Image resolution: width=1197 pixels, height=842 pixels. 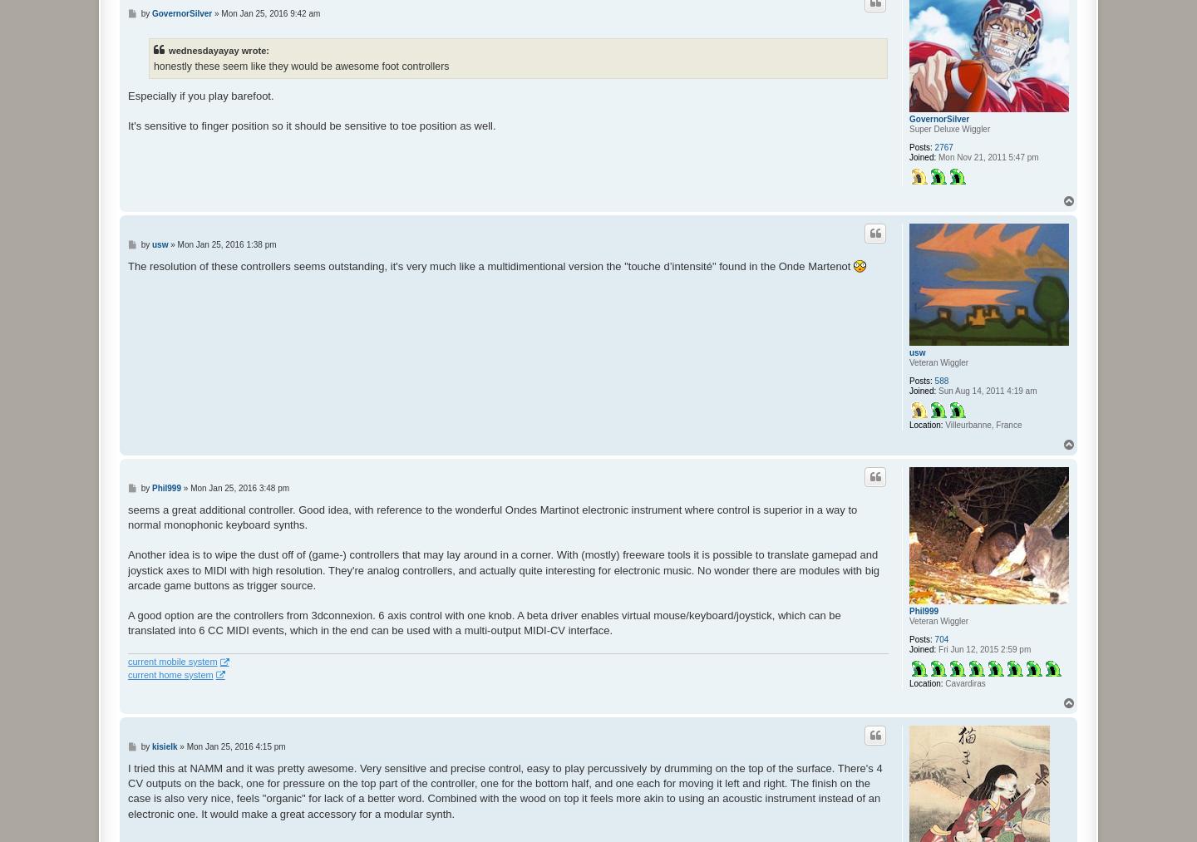 What do you see at coordinates (492, 515) in the screenshot?
I see `'seems a great additional controller. Good idea, with reference to the wonderful Ondes Martinot electronic instrument where control is superior in a way to normal monophonic keyboard synths.'` at bounding box center [492, 515].